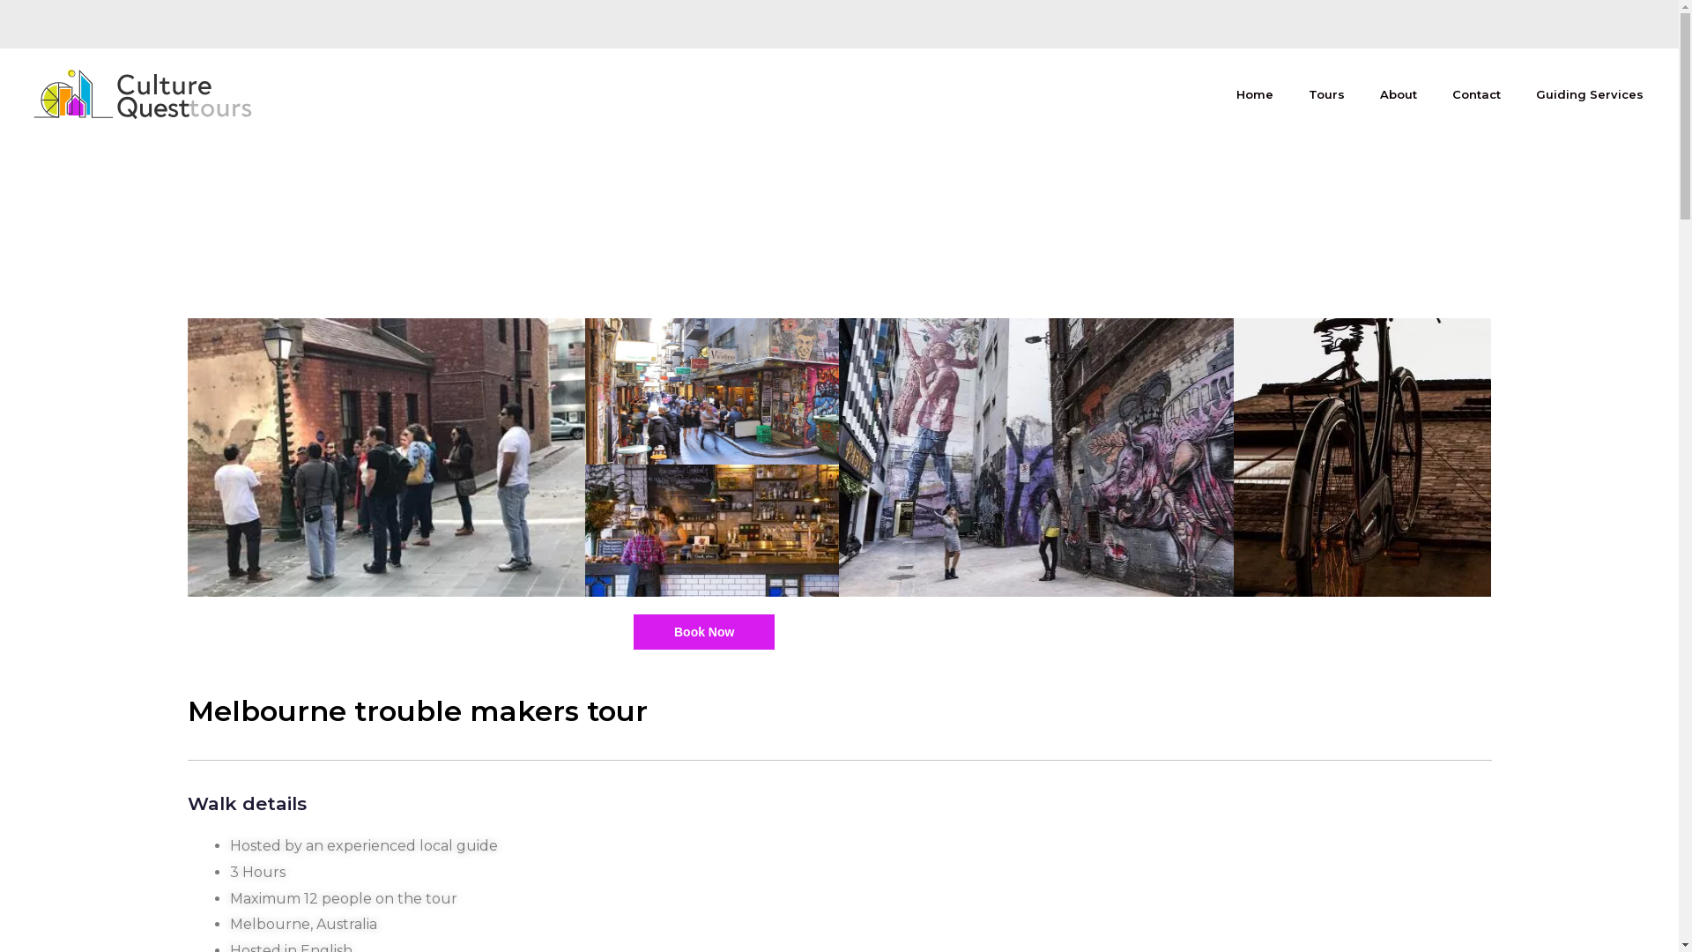 The image size is (1692, 952). Describe the element at coordinates (1476, 94) in the screenshot. I see `'Contact'` at that location.